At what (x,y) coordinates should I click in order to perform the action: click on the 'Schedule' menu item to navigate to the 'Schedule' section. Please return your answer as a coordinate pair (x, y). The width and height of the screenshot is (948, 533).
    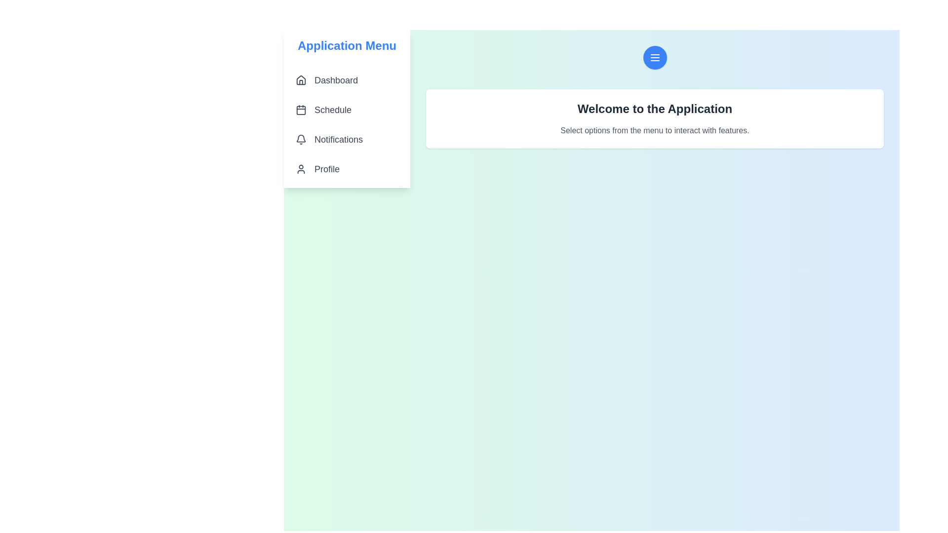
    Looking at the image, I should click on (347, 110).